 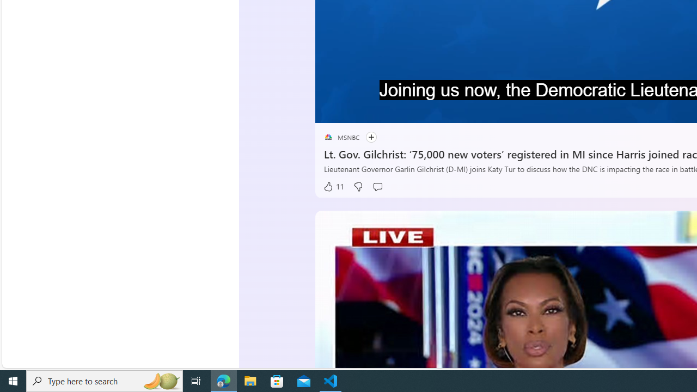 What do you see at coordinates (341, 137) in the screenshot?
I see `'placeholder MSNBC'` at bounding box center [341, 137].